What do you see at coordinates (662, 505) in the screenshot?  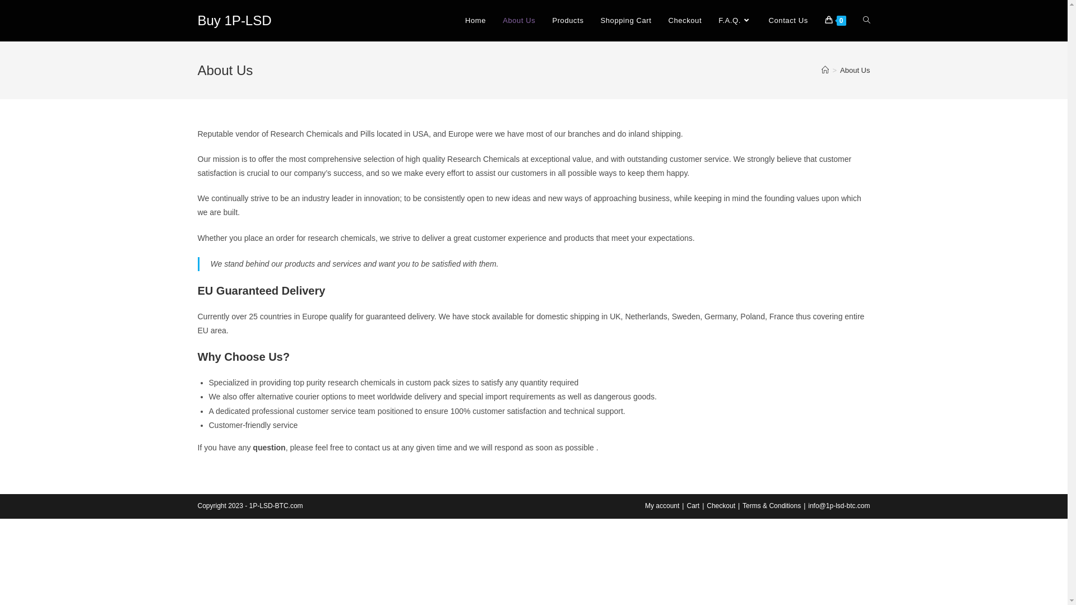 I see `'My account'` at bounding box center [662, 505].